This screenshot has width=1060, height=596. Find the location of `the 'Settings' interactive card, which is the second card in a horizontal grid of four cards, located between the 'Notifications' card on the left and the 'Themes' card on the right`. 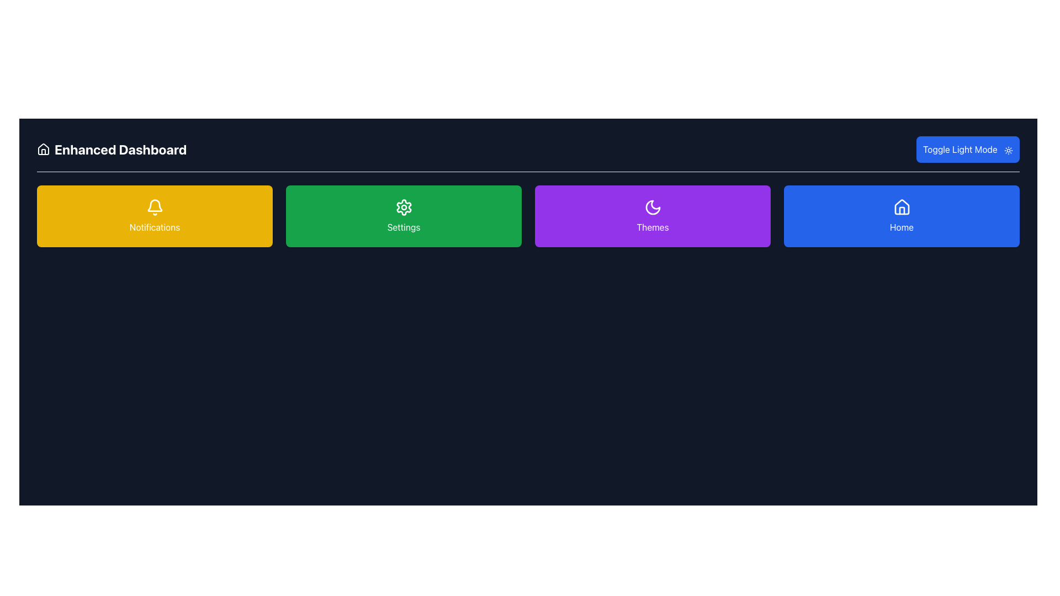

the 'Settings' interactive card, which is the second card in a horizontal grid of four cards, located between the 'Notifications' card on the left and the 'Themes' card on the right is located at coordinates (403, 216).